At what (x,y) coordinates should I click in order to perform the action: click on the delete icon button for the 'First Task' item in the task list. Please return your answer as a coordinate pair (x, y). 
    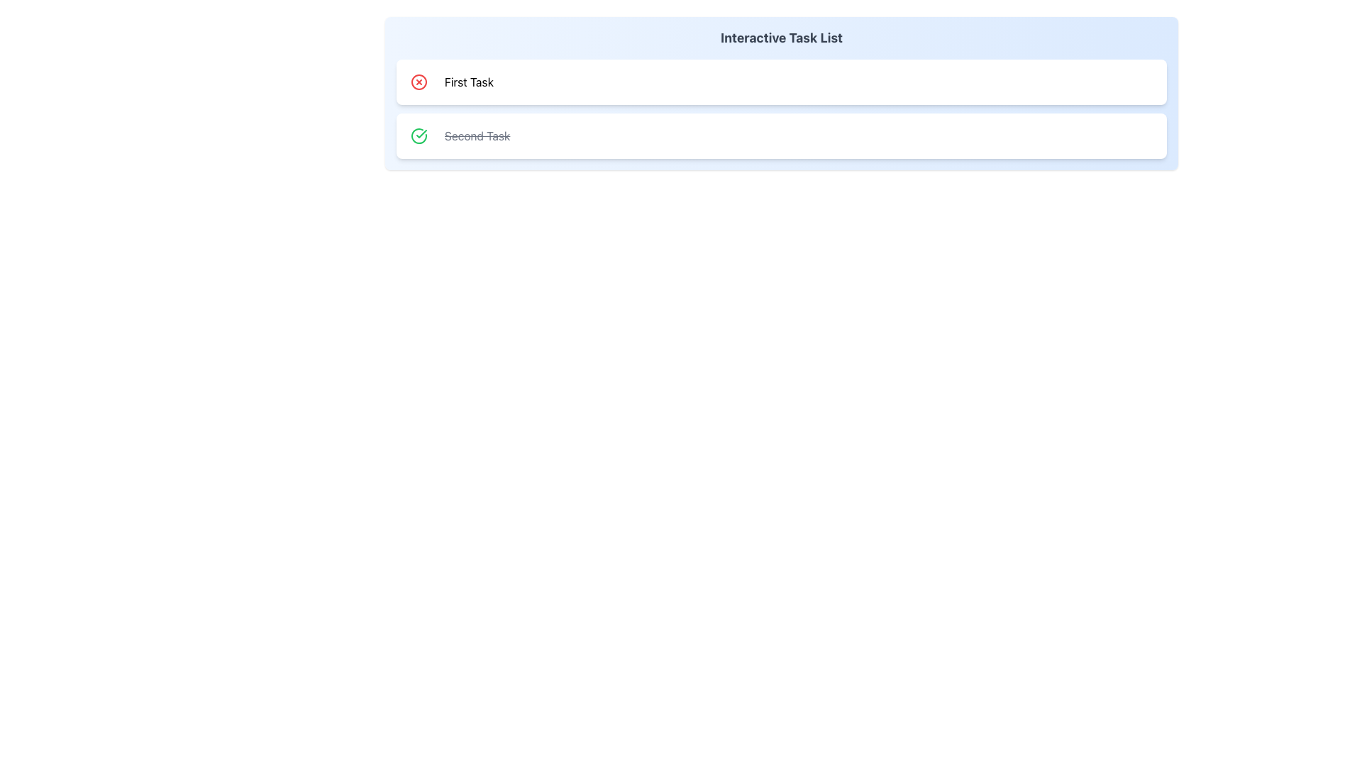
    Looking at the image, I should click on (418, 82).